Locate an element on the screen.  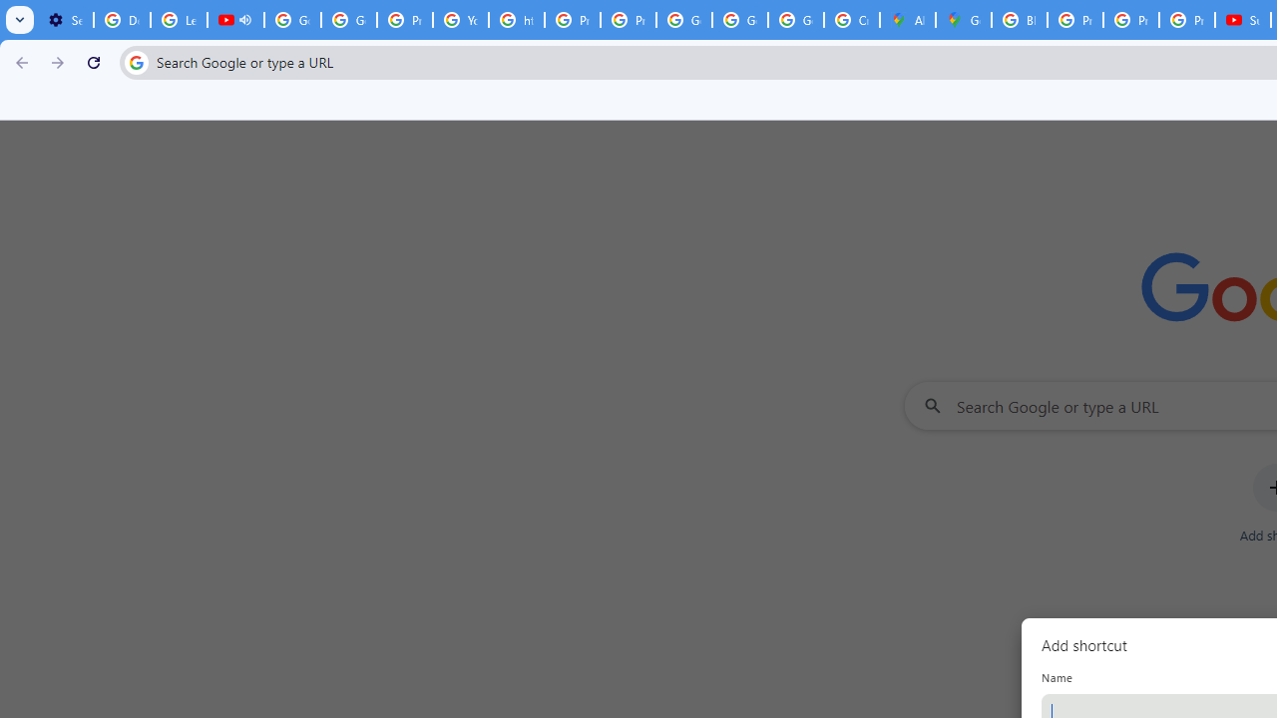
'Create your Google Account' is located at coordinates (851, 20).